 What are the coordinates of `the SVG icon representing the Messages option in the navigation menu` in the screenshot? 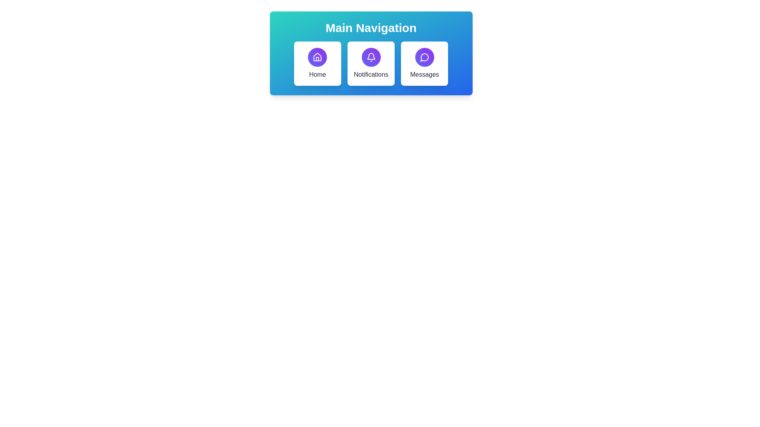 It's located at (424, 57).